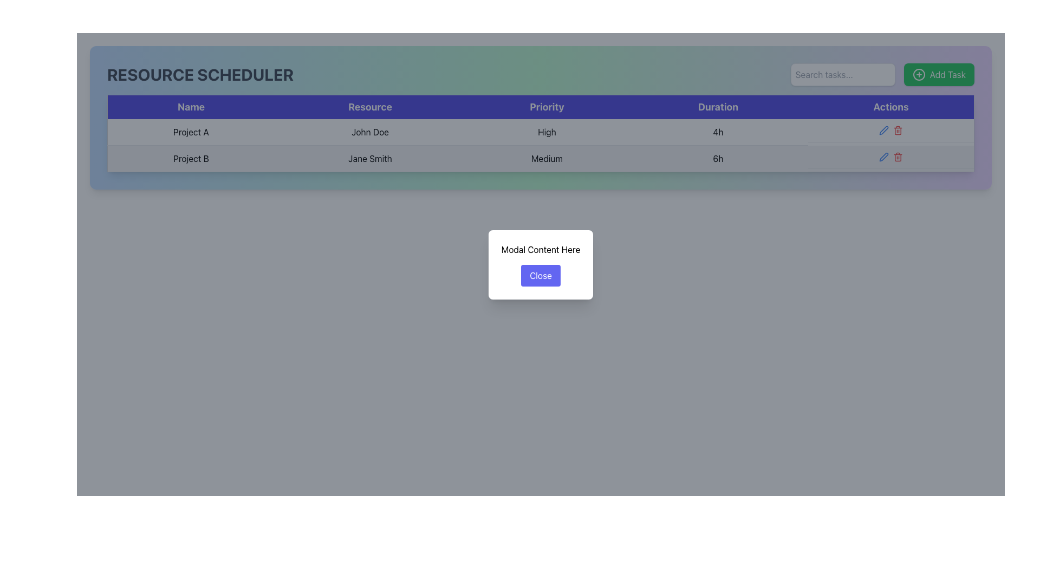 This screenshot has width=1040, height=585. I want to click on the search input field located in the top-right corner of the interface to focus on it, so click(842, 74).